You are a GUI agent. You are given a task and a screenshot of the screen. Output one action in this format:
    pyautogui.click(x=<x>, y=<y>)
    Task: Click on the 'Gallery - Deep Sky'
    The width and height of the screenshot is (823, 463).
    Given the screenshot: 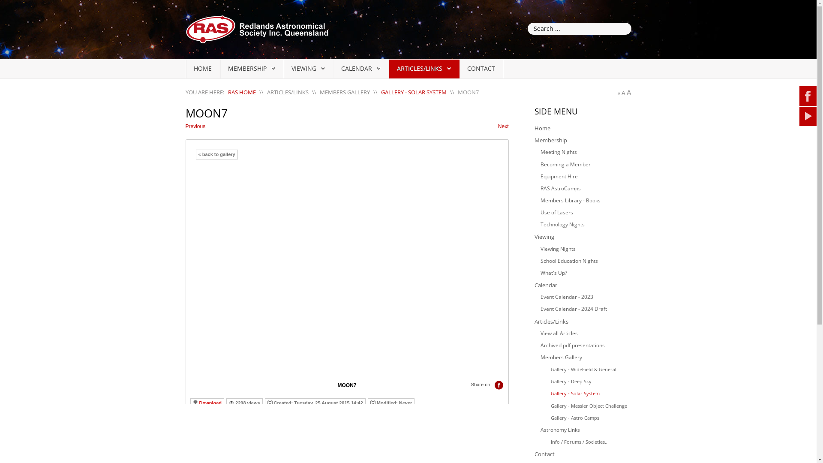 What is the action you would take?
    pyautogui.click(x=588, y=381)
    